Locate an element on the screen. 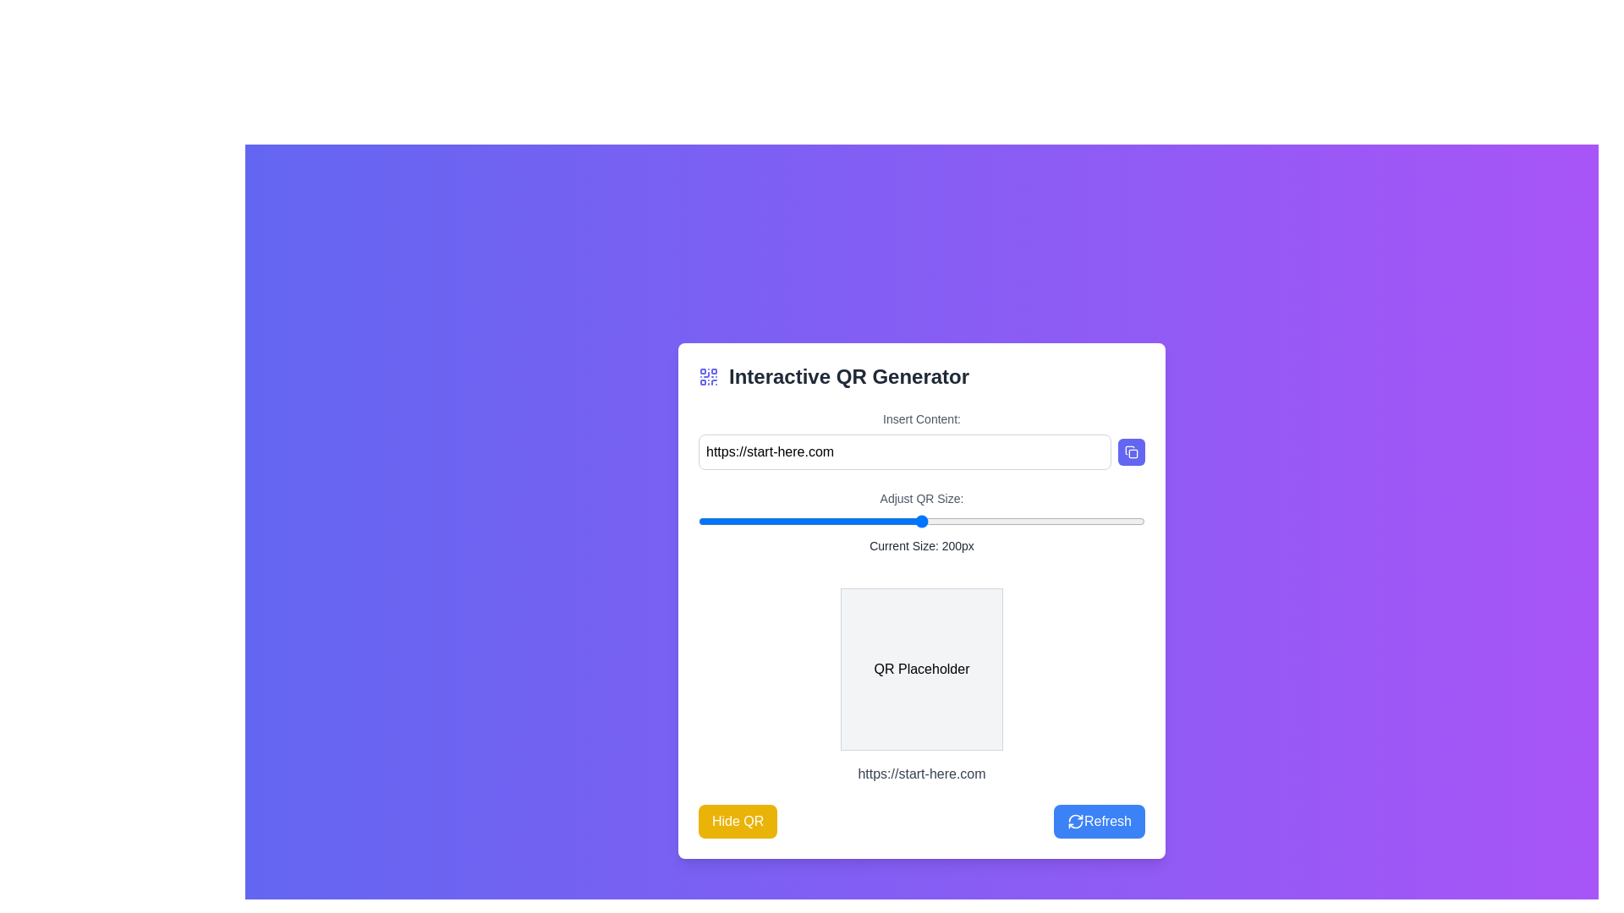  the QR code size is located at coordinates (710, 521).